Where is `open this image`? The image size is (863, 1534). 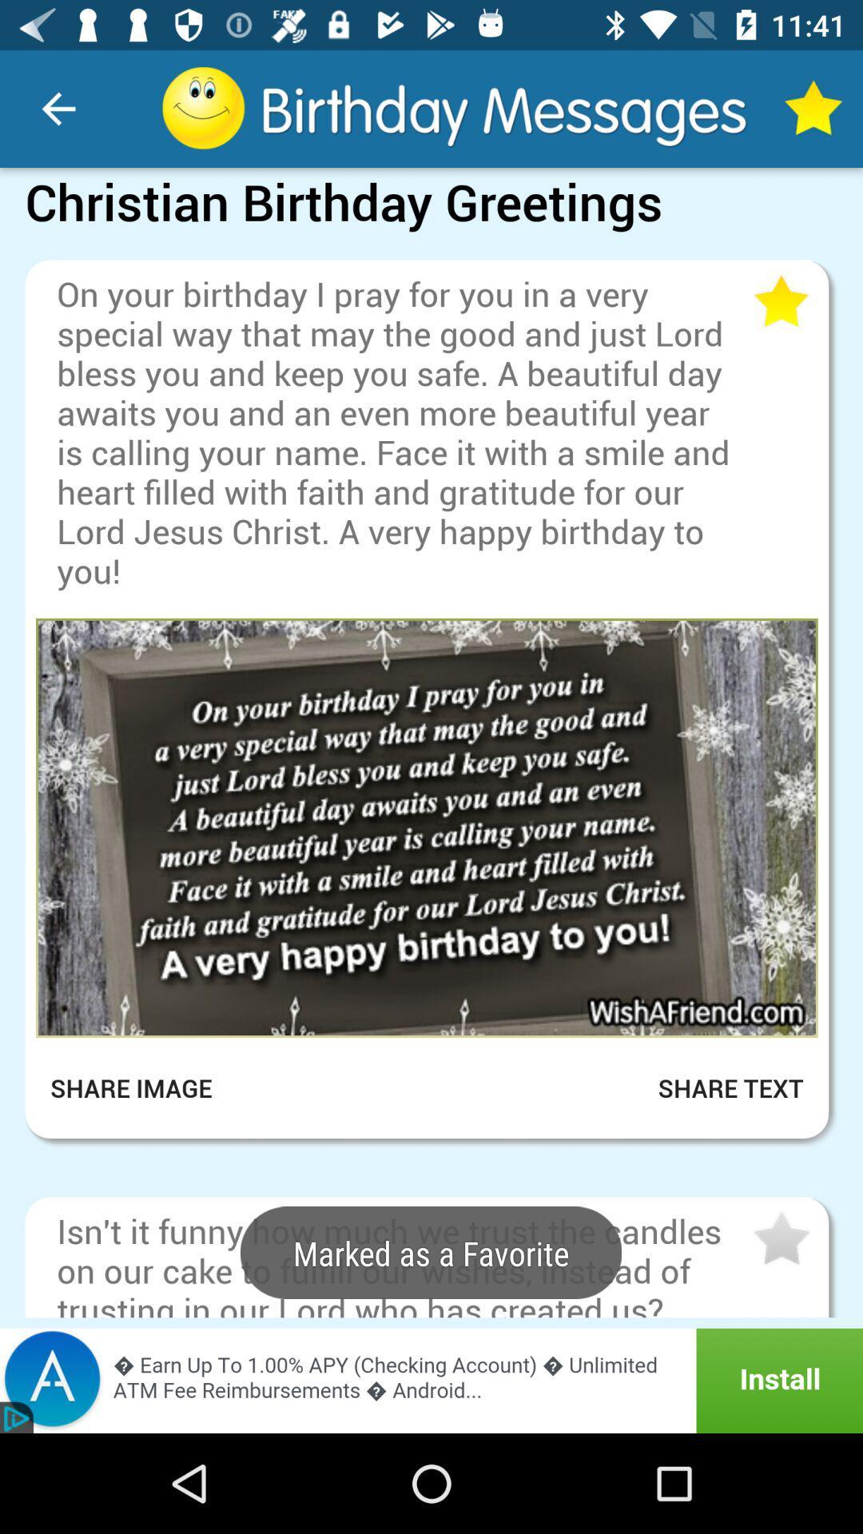
open this image is located at coordinates (426, 828).